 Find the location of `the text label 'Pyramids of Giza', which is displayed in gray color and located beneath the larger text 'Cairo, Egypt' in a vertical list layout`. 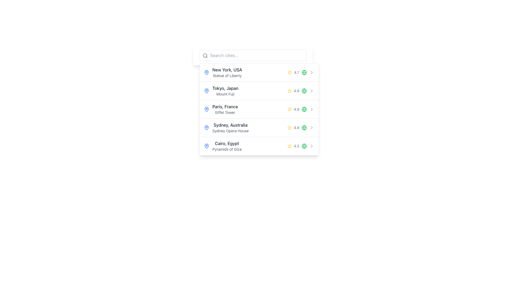

the text label 'Pyramids of Giza', which is displayed in gray color and located beneath the larger text 'Cairo, Egypt' in a vertical list layout is located at coordinates (227, 149).